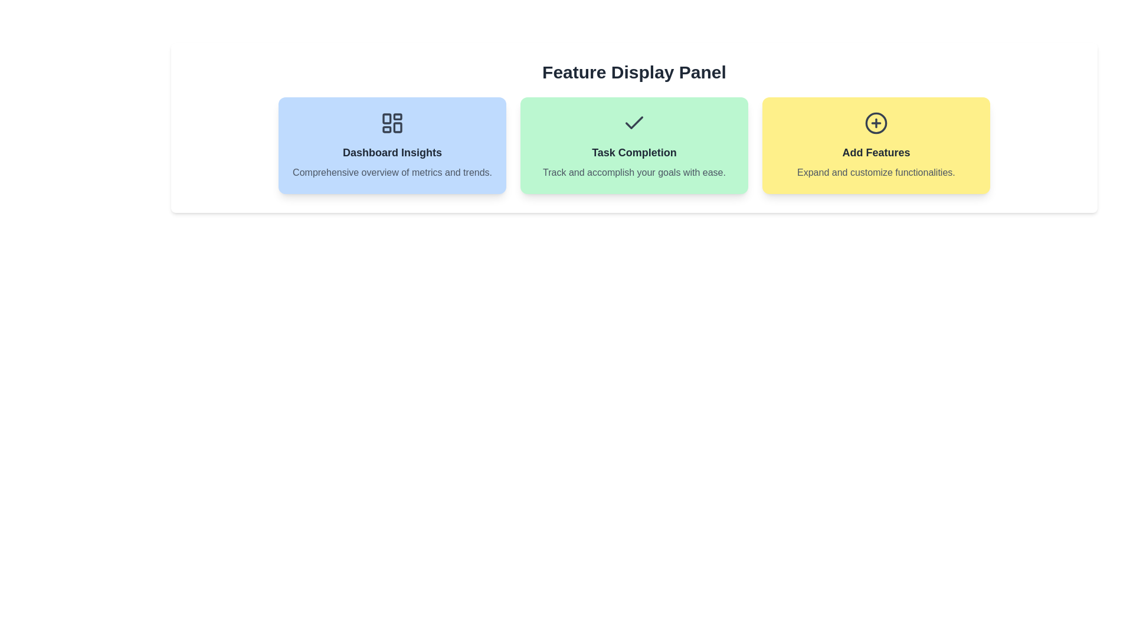  Describe the element at coordinates (634, 123) in the screenshot. I see `the checkmark SVG icon located at the top-center of the green section labeled 'Task Completion', which serves as a visual representation of completion` at that location.